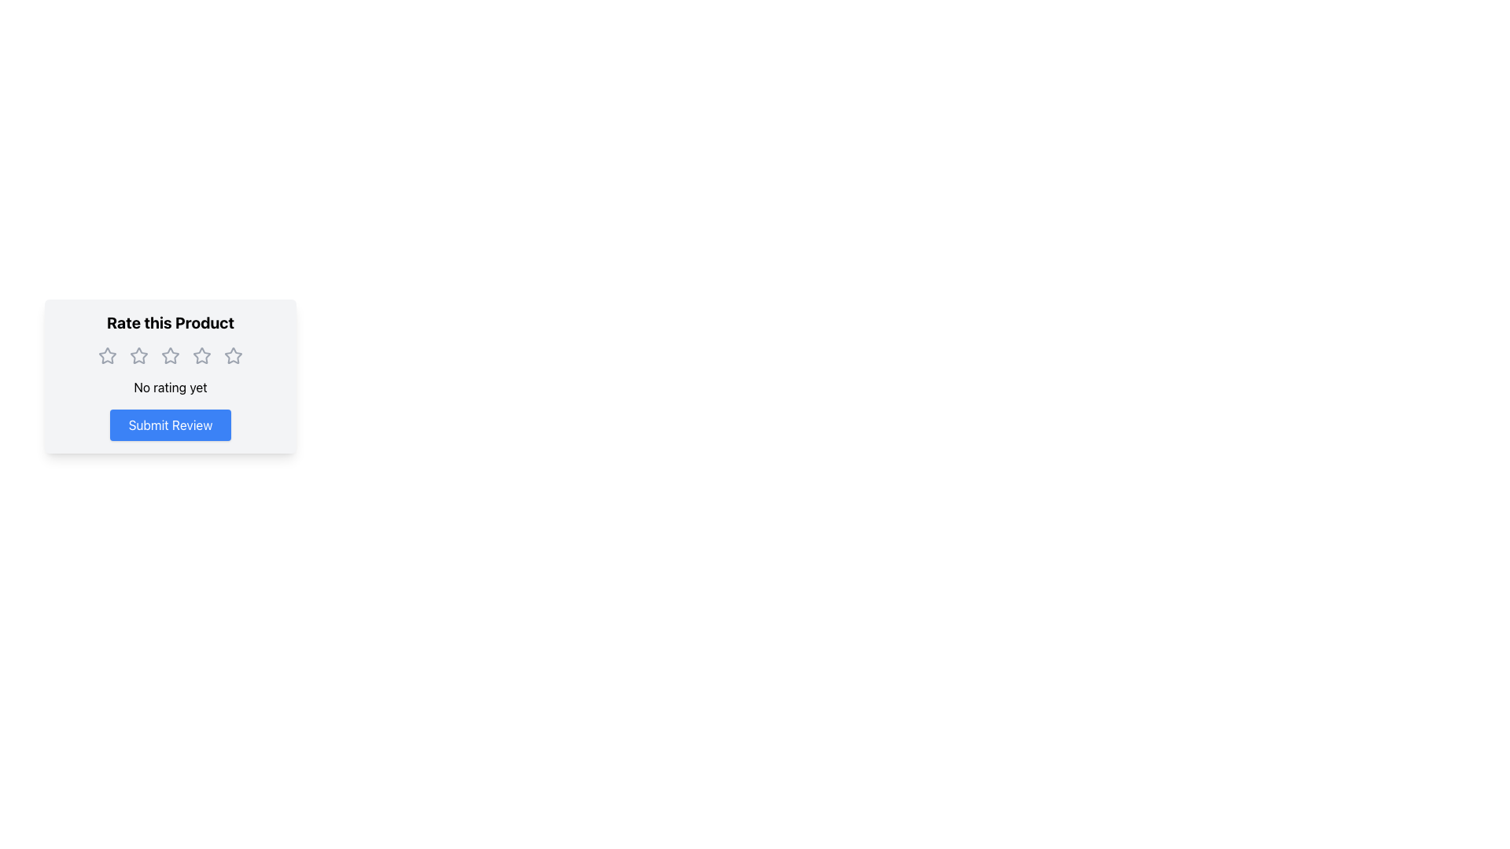  I want to click on the first unfilled gray star icon in the rating component below the text 'Rate this Product', so click(107, 355).